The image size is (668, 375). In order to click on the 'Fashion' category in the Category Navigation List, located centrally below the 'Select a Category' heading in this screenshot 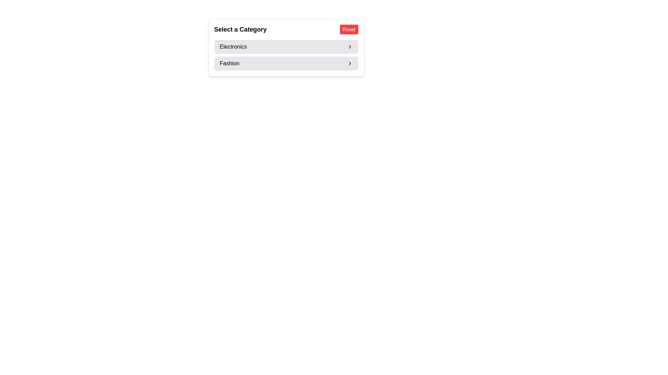, I will do `click(286, 55)`.